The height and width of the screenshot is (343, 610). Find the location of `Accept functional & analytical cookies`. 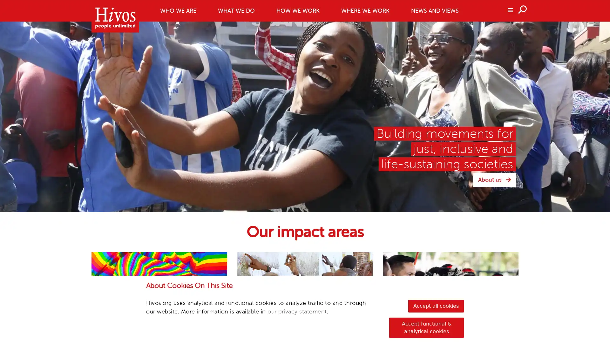

Accept functional & analytical cookies is located at coordinates (426, 328).